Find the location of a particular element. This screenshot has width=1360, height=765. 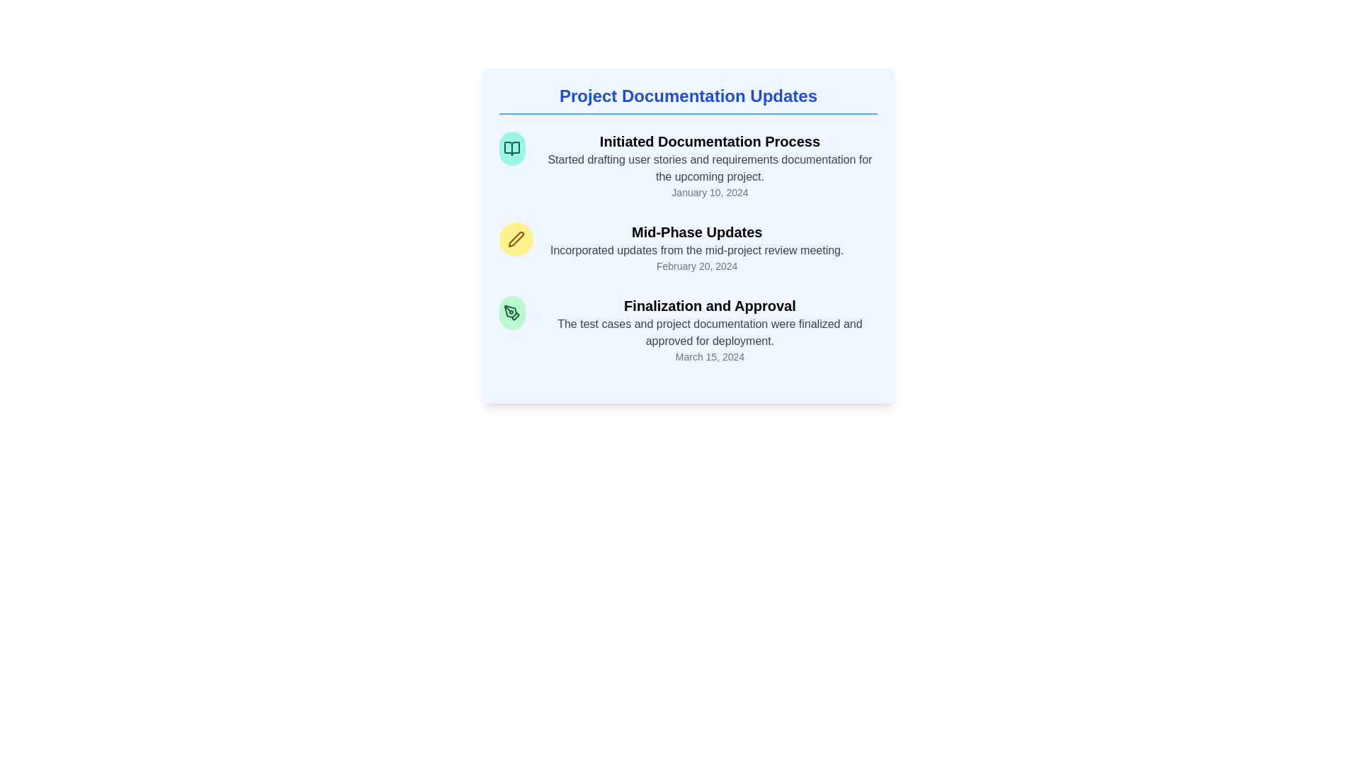

the static text display that provides descriptive details about the documentation process initiation, located below the title 'Initiated Documentation Process' and above the date 'January 10, 2024' is located at coordinates (710, 168).